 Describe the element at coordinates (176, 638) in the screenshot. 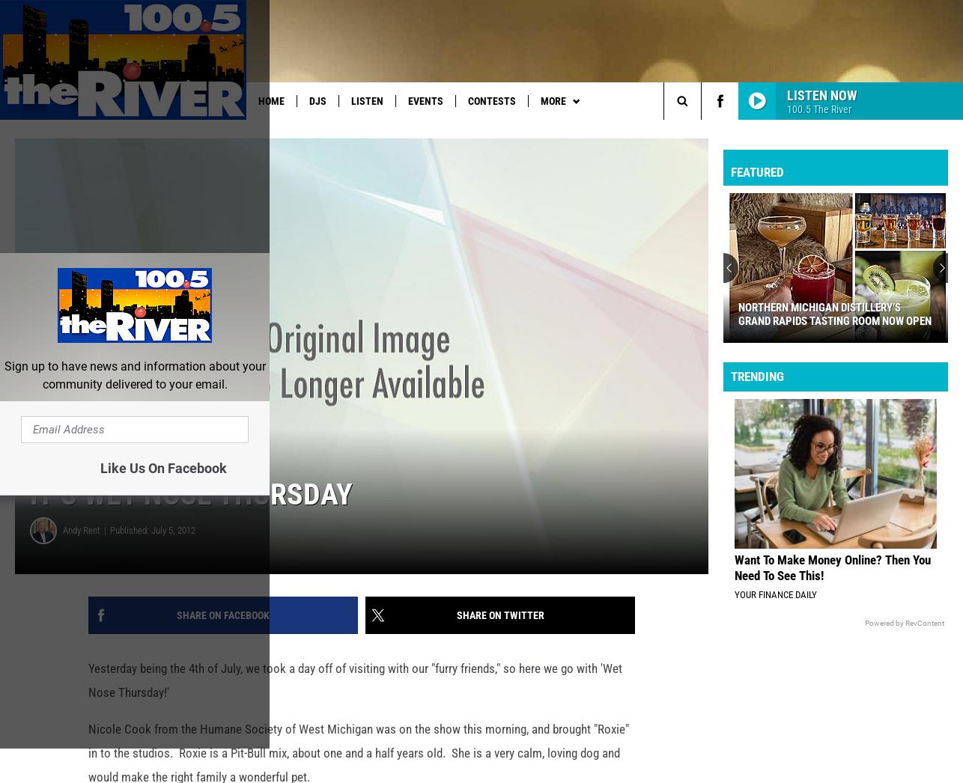

I see `'Share on Facebook'` at that location.